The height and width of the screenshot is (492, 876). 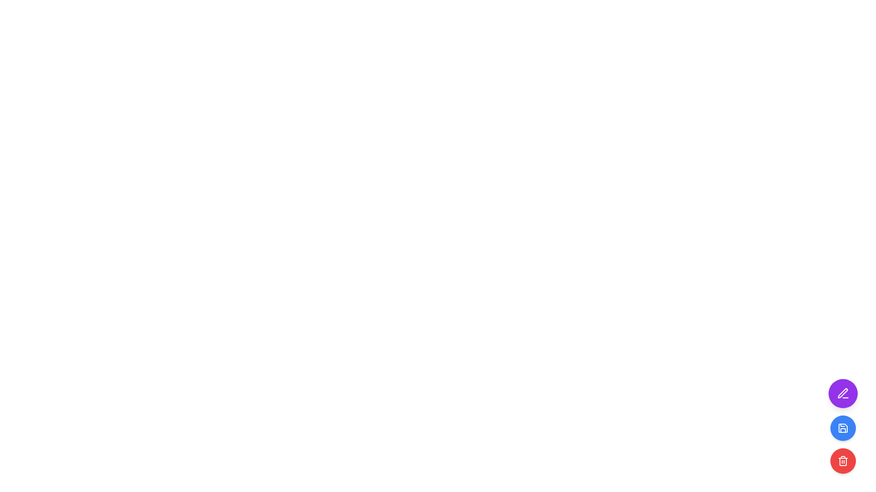 I want to click on the blue save button located in the vertical stack of buttons, positioned towards the right side of the interface, so click(x=843, y=444).